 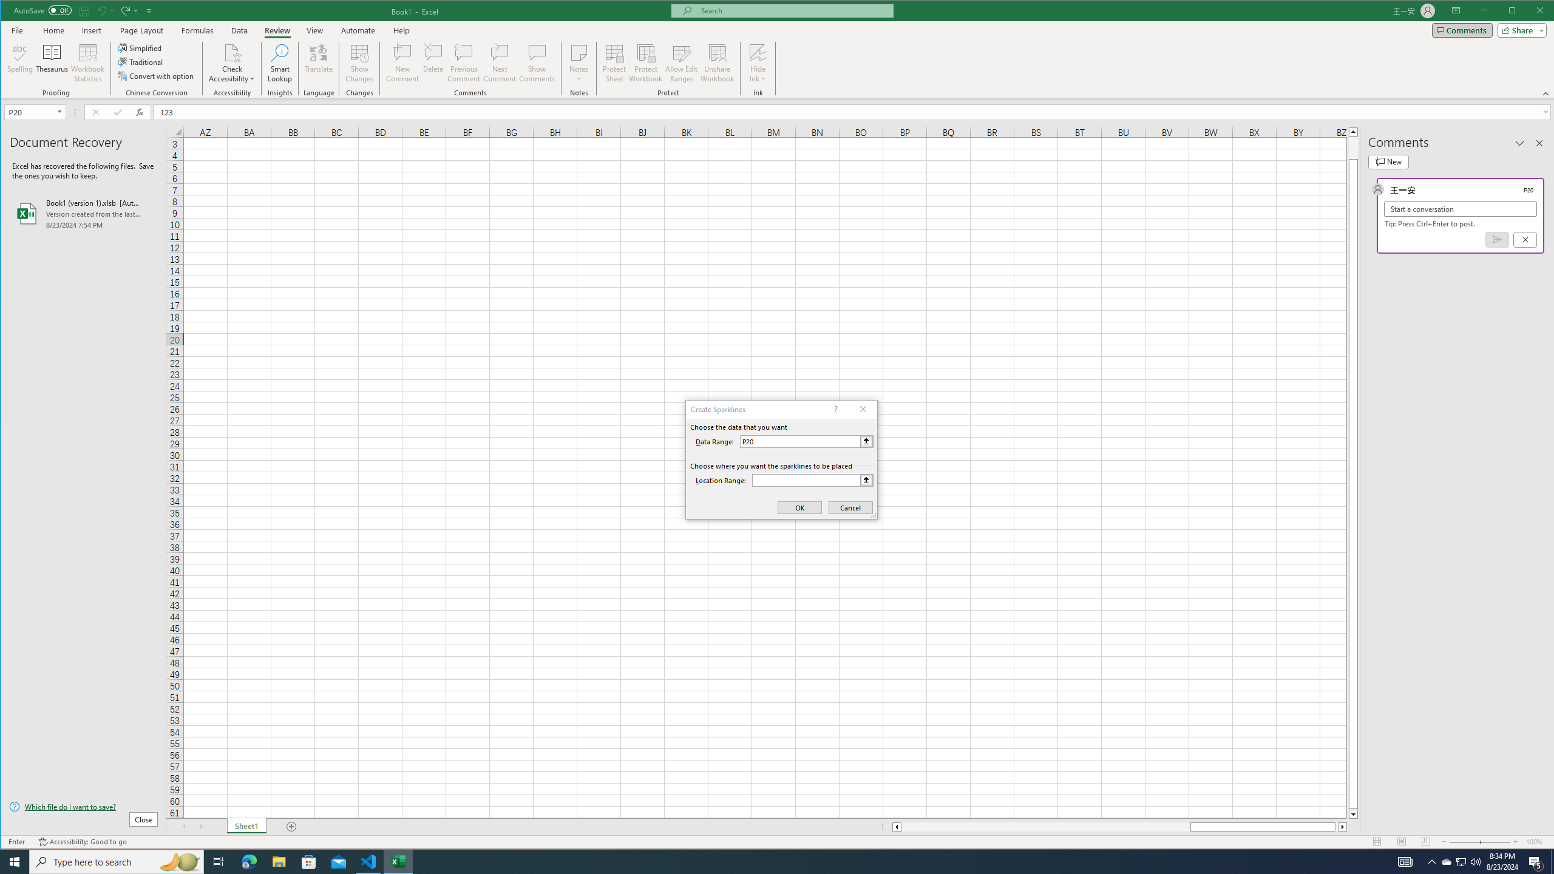 I want to click on 'Show Changes', so click(x=359, y=63).